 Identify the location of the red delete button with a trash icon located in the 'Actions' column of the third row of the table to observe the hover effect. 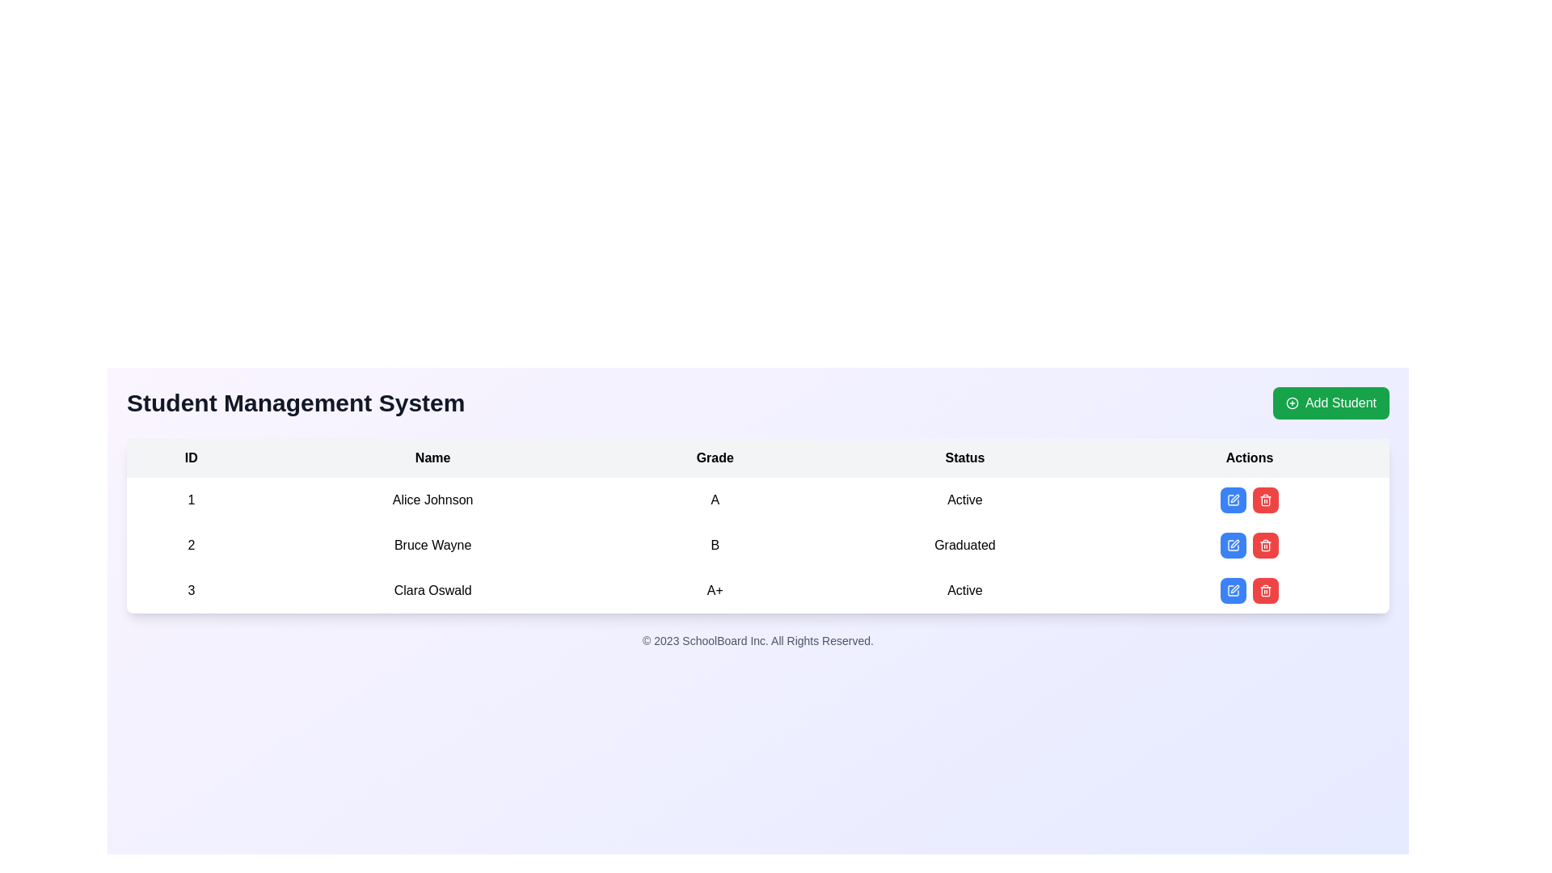
(1264, 591).